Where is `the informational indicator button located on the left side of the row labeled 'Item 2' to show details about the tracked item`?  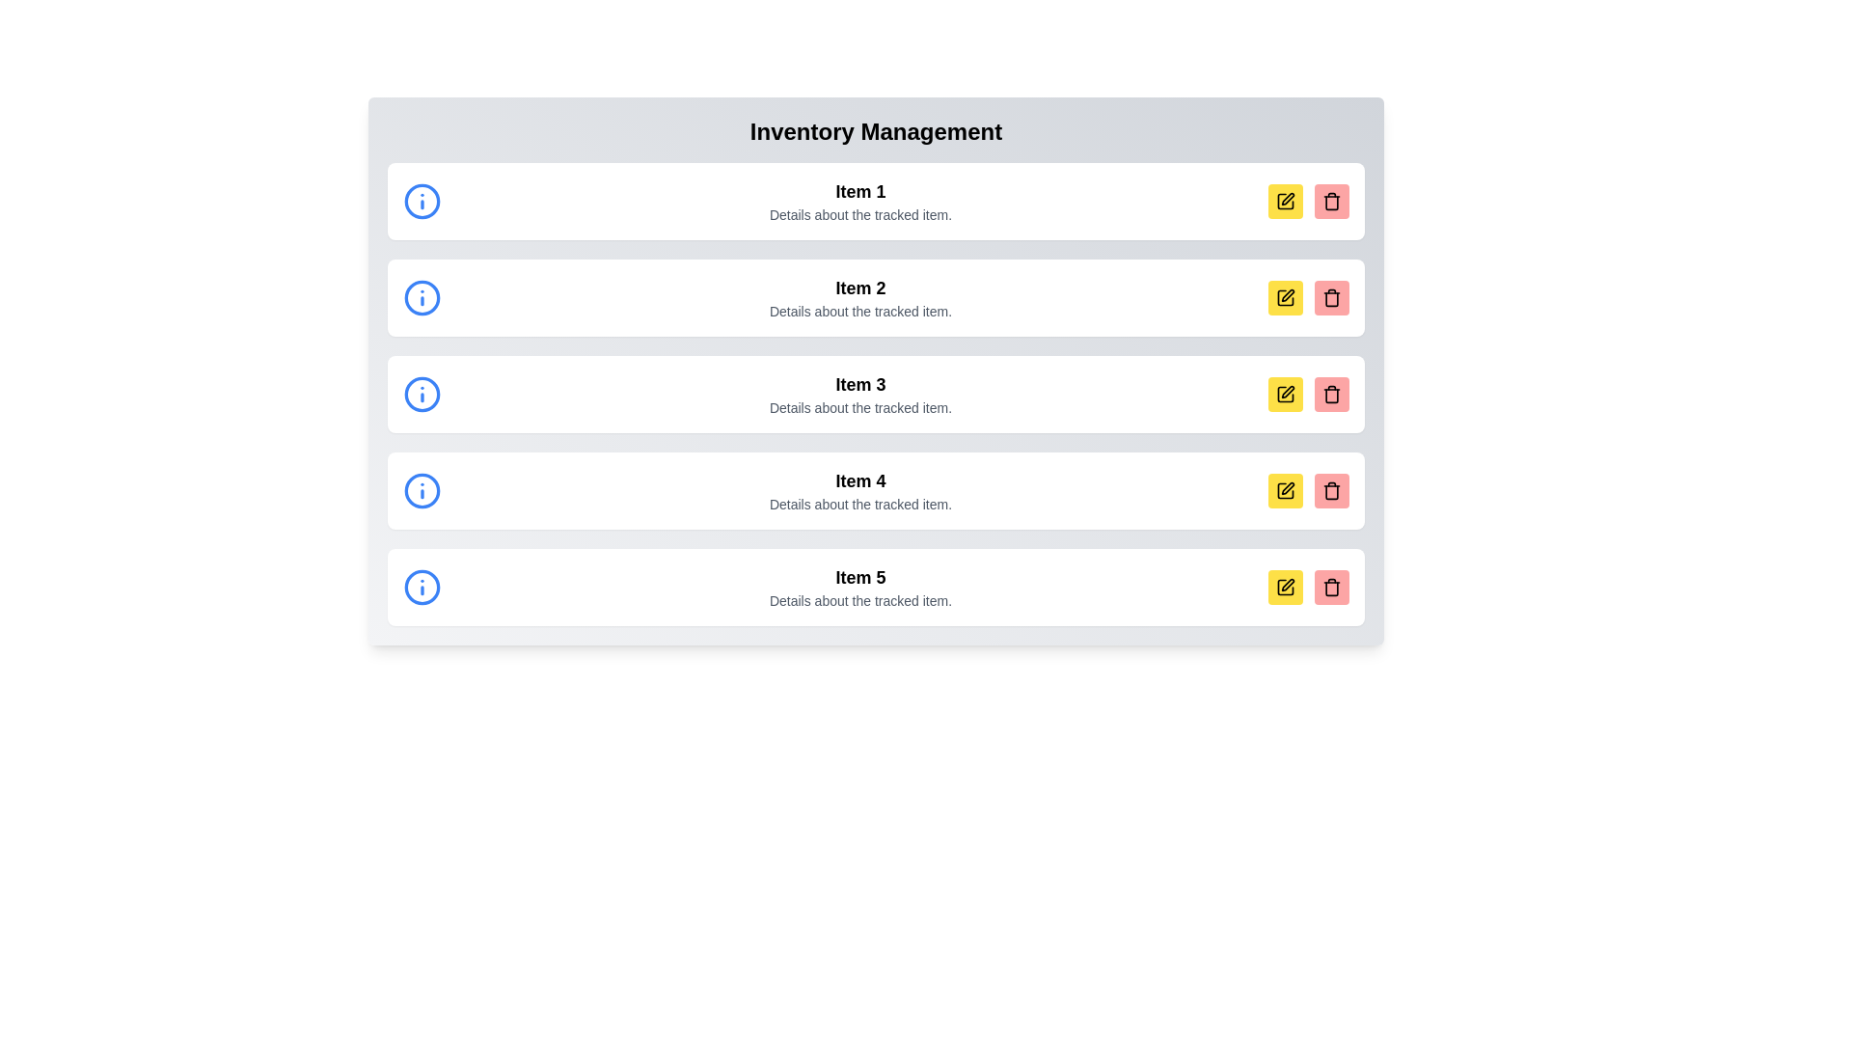
the informational indicator button located on the left side of the row labeled 'Item 2' to show details about the tracked item is located at coordinates (421, 297).